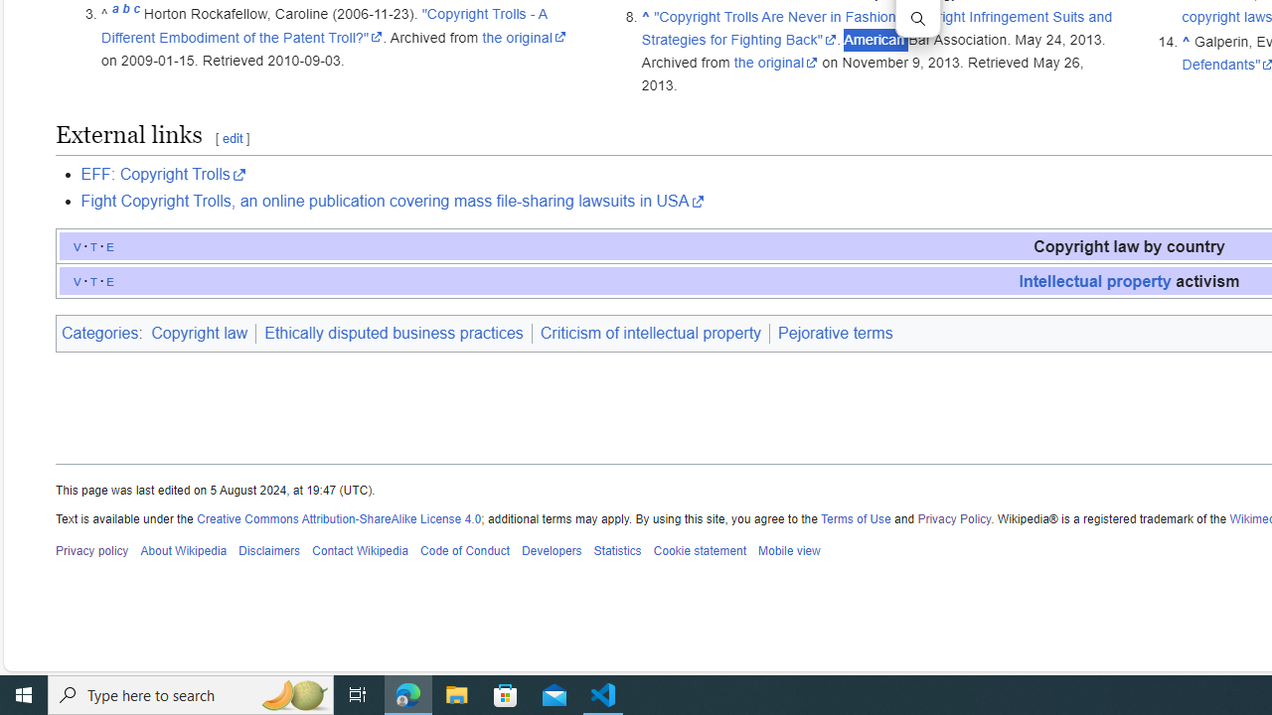  What do you see at coordinates (91, 551) in the screenshot?
I see `'Privacy policy'` at bounding box center [91, 551].